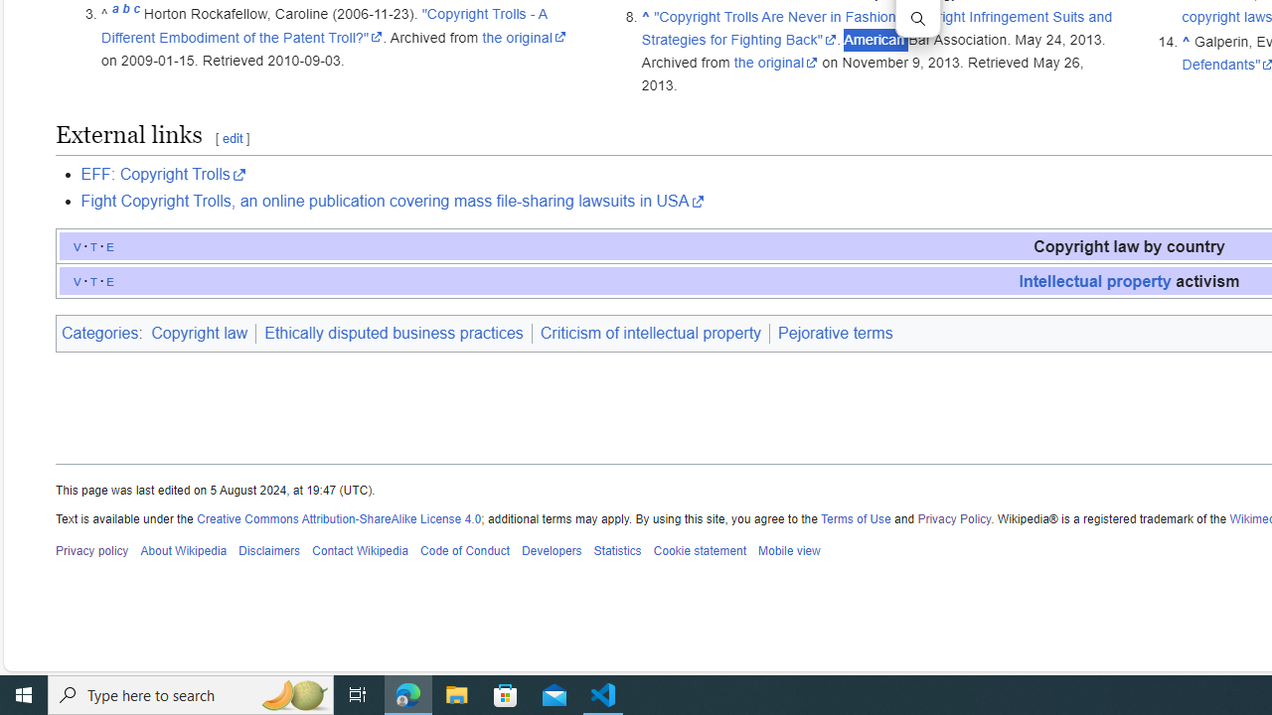  What do you see at coordinates (91, 551) in the screenshot?
I see `'Privacy policy'` at bounding box center [91, 551].